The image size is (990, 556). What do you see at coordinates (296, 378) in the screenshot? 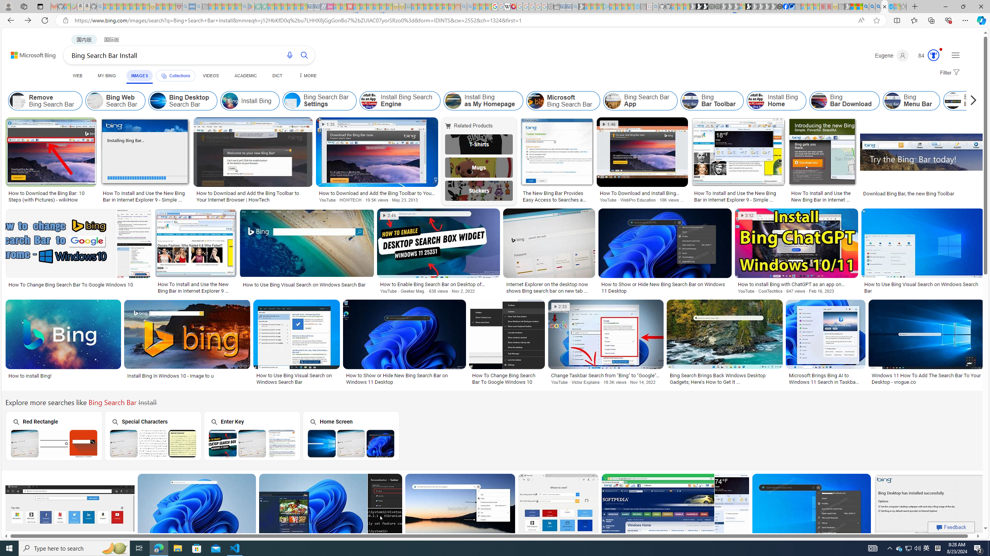
I see `'How to Use Bing Visual Search on Windows Search Bar'` at bounding box center [296, 378].